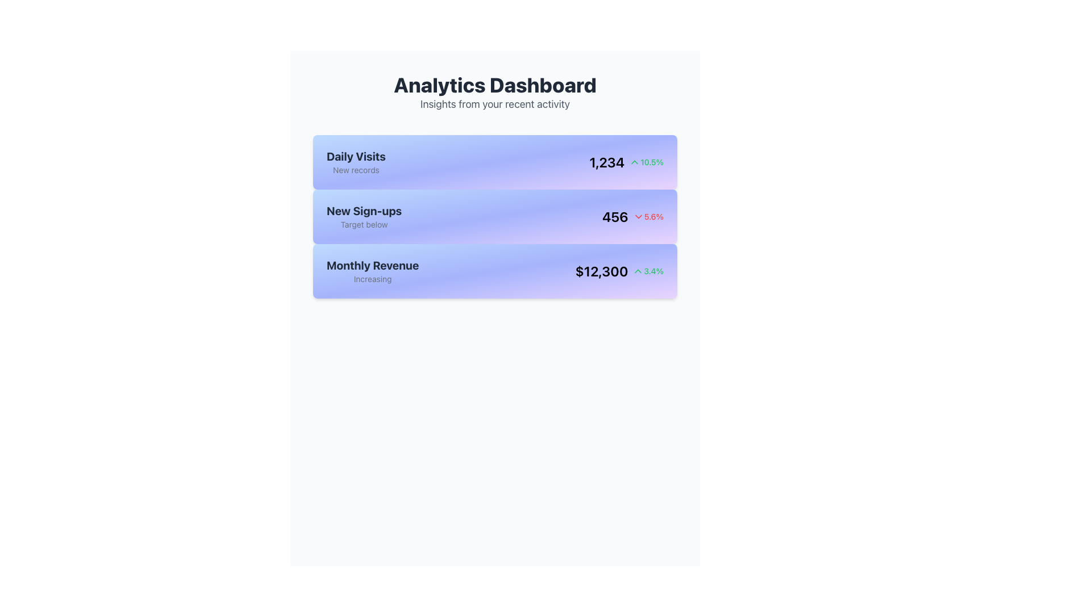  I want to click on text of the bold label that says 'Daily Visits', which is located at the top-left of a card in a vertical layout, so click(355, 157).